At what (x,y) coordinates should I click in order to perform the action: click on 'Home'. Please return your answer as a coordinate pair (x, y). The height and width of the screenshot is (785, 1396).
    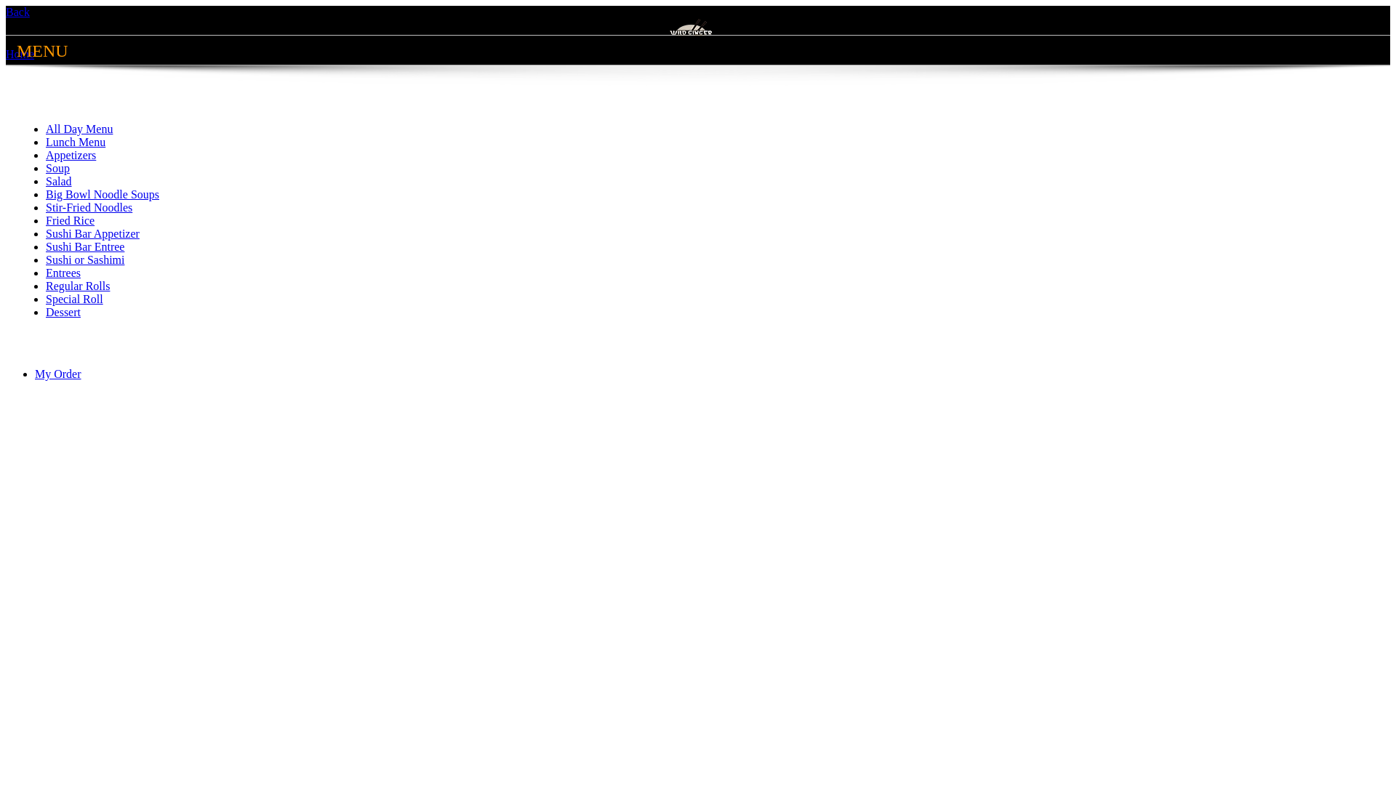
    Looking at the image, I should click on (20, 53).